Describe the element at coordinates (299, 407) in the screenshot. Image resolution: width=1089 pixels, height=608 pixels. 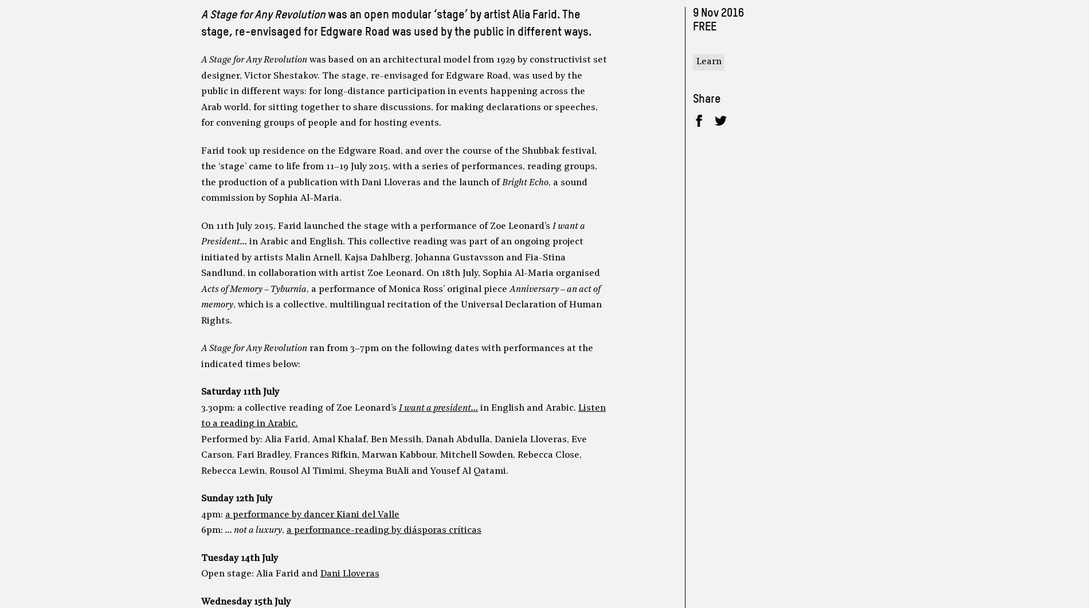
I see `'3.30pm: a collective reading of Zoe Leonard’s'` at that location.